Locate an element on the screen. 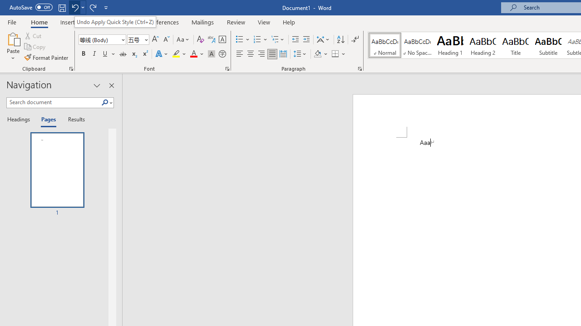 The width and height of the screenshot is (581, 326). 'Font Color' is located at coordinates (197, 54).